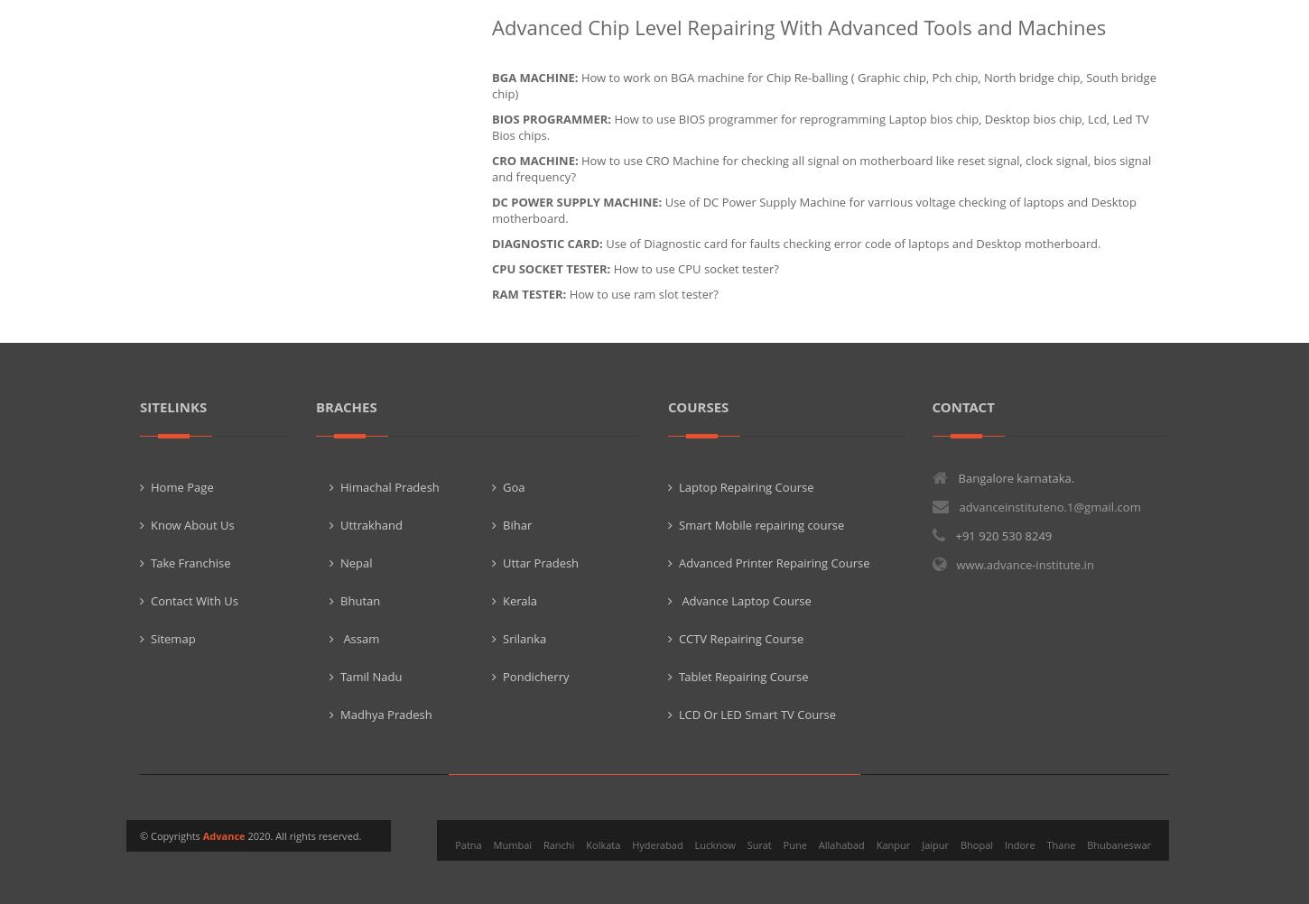  What do you see at coordinates (150, 485) in the screenshot?
I see `'Home Page'` at bounding box center [150, 485].